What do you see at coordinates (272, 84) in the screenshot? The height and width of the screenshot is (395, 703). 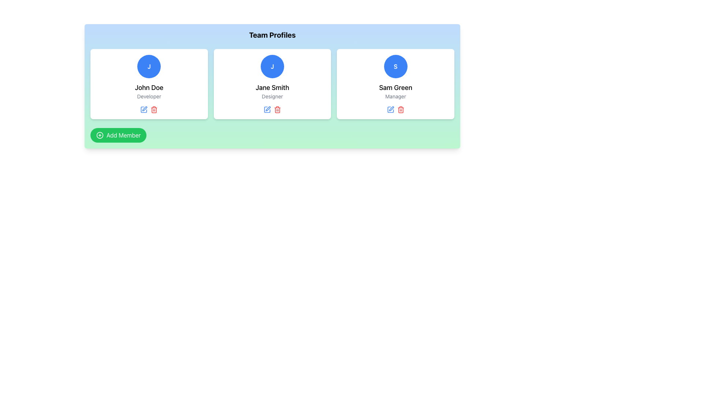 I see `the Profile card displaying Jane Smith's information, which includes a blue circular icon with the letter 'J', located at the center of the three-card grid layout` at bounding box center [272, 84].